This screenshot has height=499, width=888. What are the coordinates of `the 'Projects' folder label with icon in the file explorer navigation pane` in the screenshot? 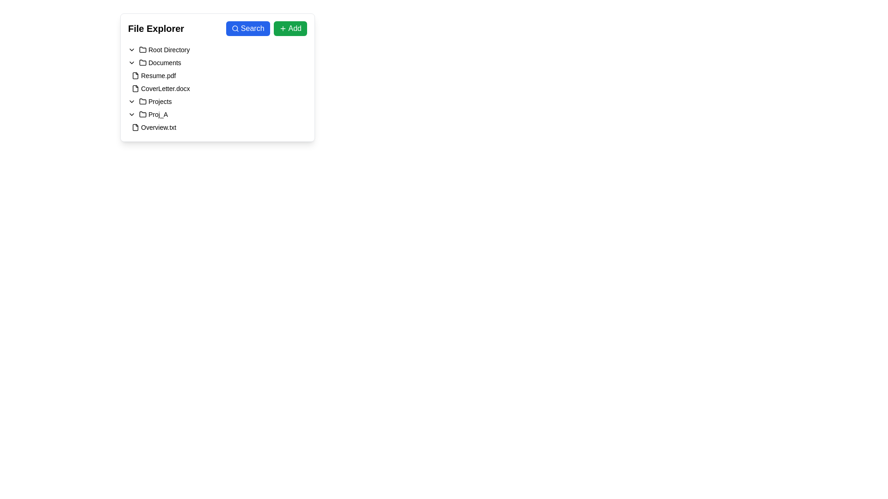 It's located at (155, 101).